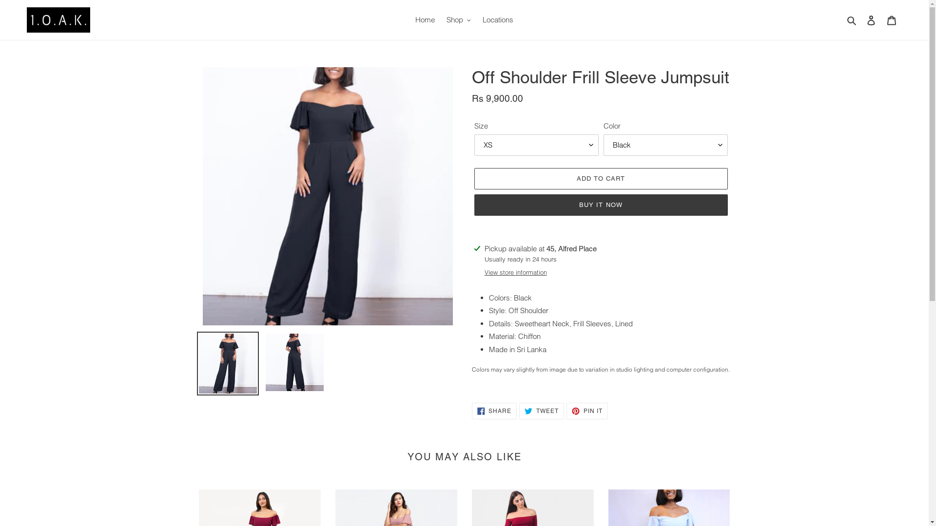  I want to click on 'ADD TO CART', so click(600, 178).